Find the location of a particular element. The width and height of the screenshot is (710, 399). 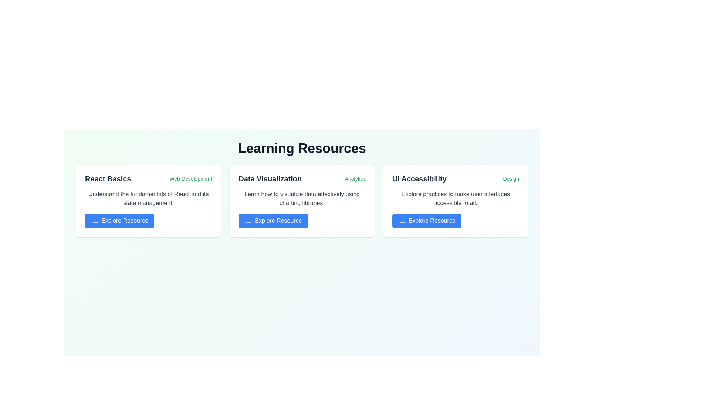

the text label 'React Basics' in bold, dark font is located at coordinates (148, 178).